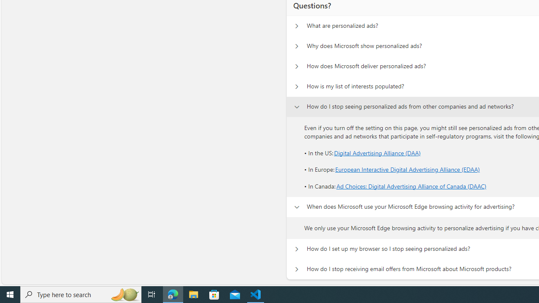 This screenshot has height=303, width=539. What do you see at coordinates (377, 152) in the screenshot?
I see `'Digital Advertising Alliance (DAA)'` at bounding box center [377, 152].